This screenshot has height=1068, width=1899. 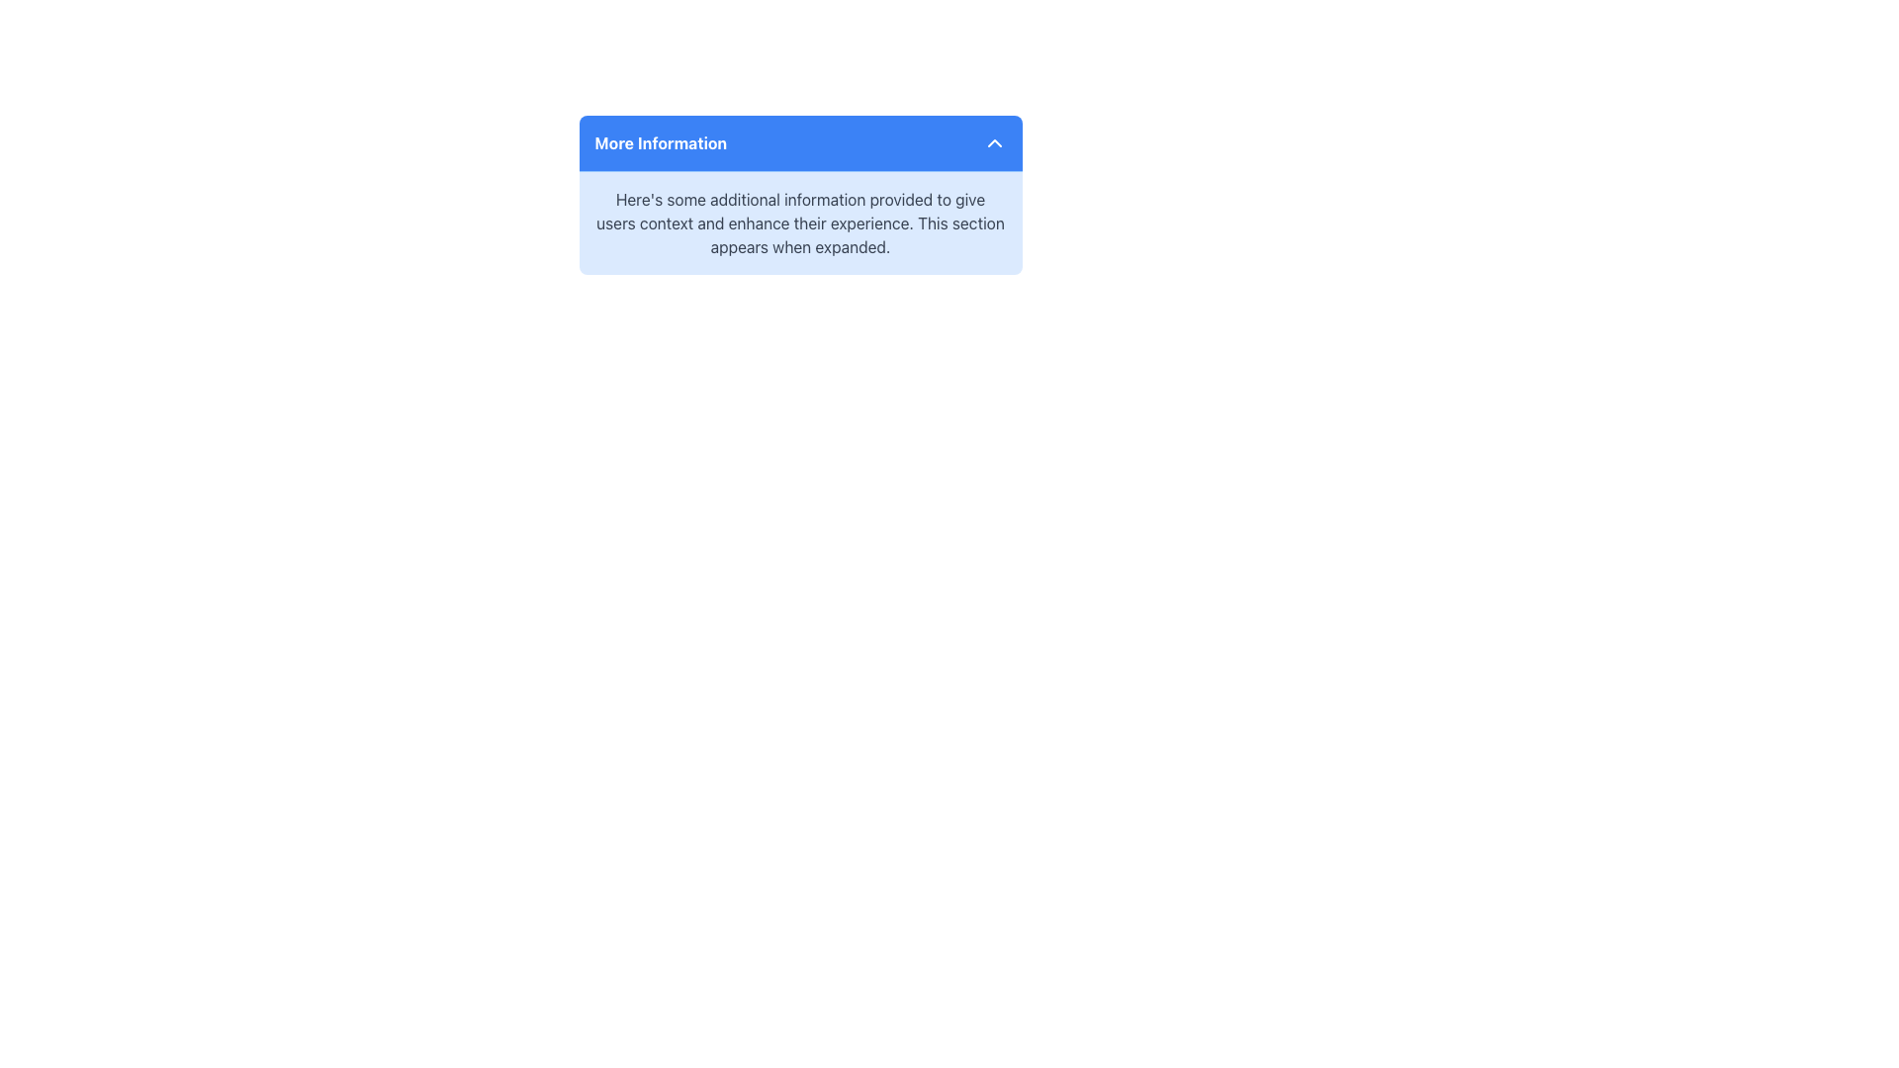 I want to click on keyboard navigation, so click(x=800, y=142).